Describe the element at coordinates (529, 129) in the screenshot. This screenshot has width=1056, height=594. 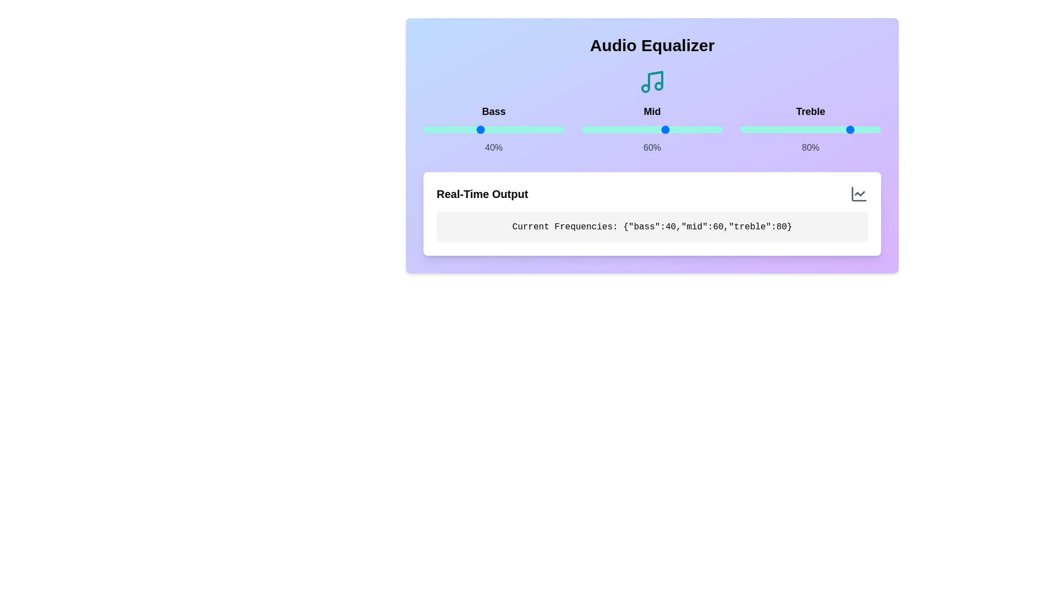
I see `bass level` at that location.